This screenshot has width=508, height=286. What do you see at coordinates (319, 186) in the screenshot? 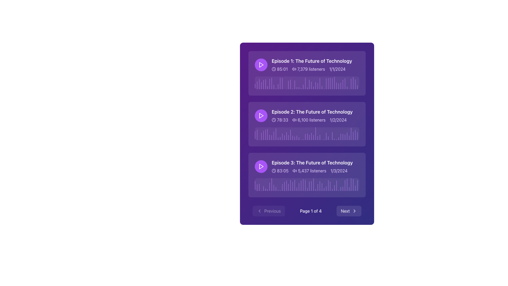
I see `the position of the thin vertical purple progress indicator in the waveform component for the audio track 'Episode 3: The Future of Technology'` at bounding box center [319, 186].